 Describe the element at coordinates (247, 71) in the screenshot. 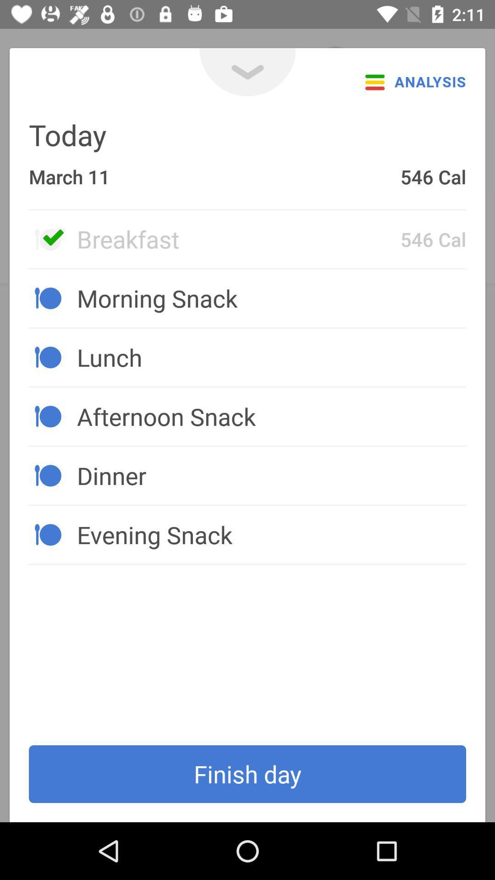

I see `show more options` at that location.